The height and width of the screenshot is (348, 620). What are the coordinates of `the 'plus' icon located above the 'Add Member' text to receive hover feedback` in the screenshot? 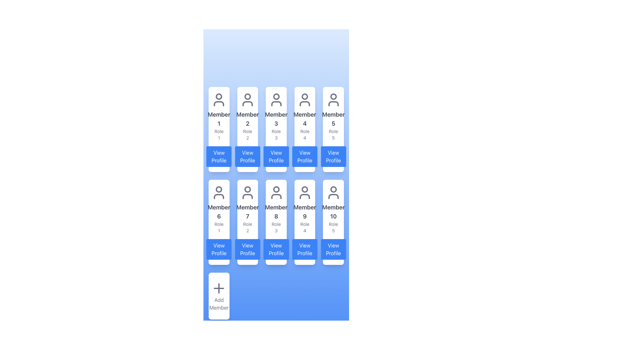 It's located at (219, 288).